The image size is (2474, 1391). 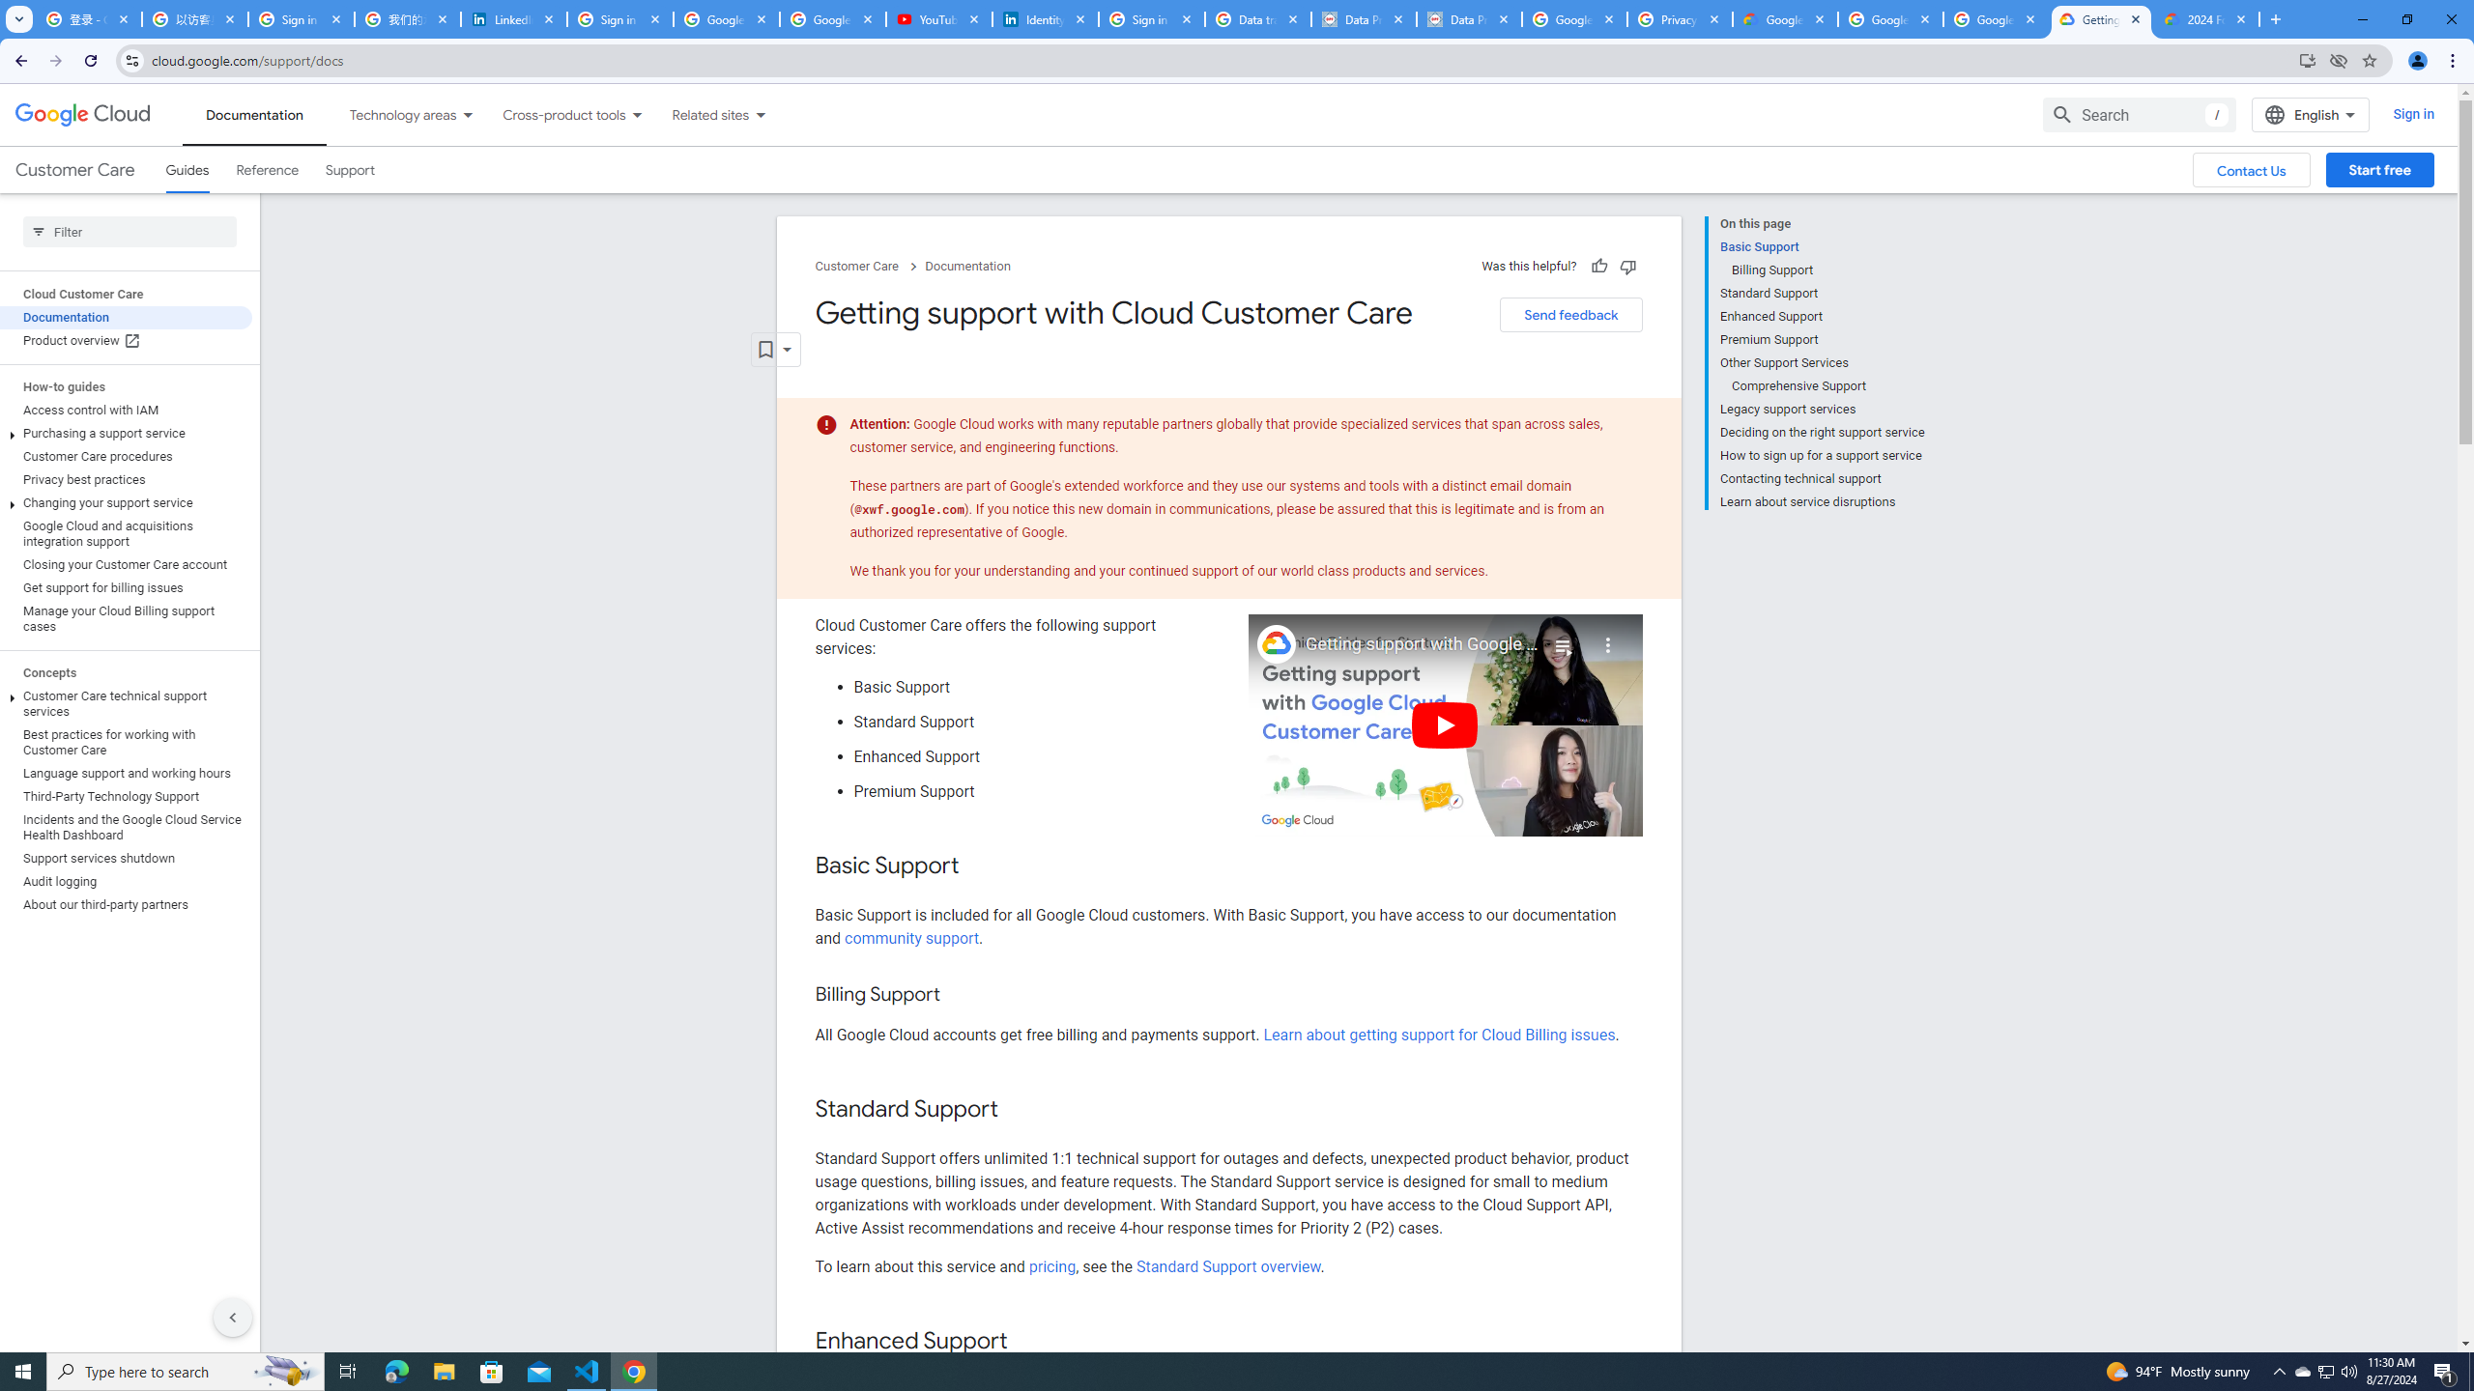 What do you see at coordinates (126, 702) in the screenshot?
I see `'Customer Care technical support services'` at bounding box center [126, 702].